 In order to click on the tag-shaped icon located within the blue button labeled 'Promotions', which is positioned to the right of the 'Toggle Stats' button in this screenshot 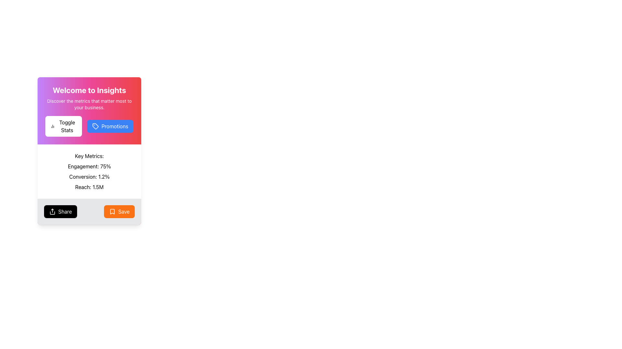, I will do `click(95, 126)`.